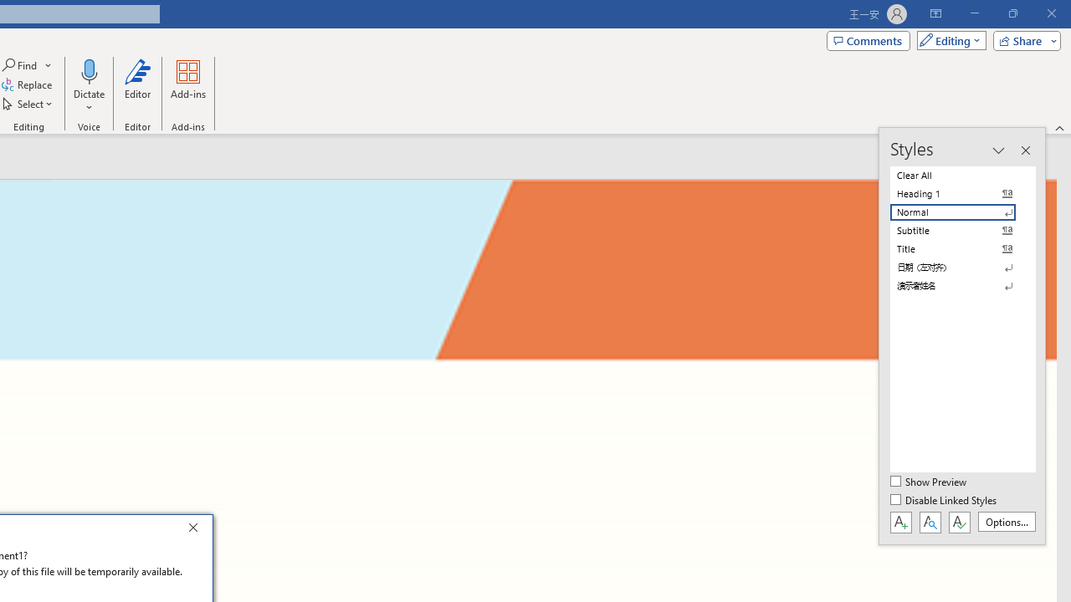 The height and width of the screenshot is (602, 1071). What do you see at coordinates (929, 482) in the screenshot?
I see `'Show Preview'` at bounding box center [929, 482].